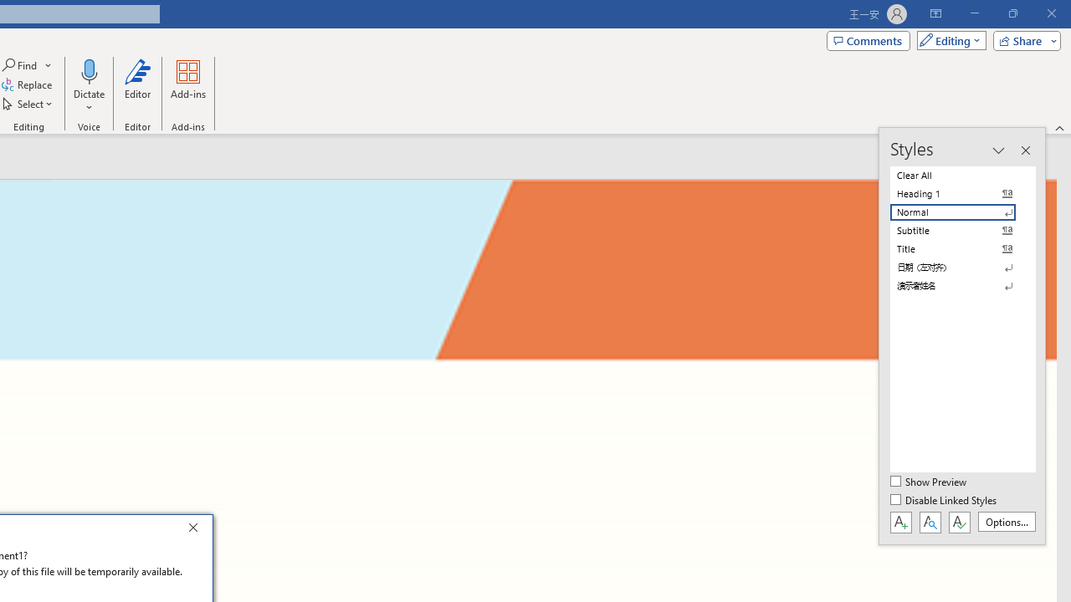 The height and width of the screenshot is (602, 1071). What do you see at coordinates (929, 482) in the screenshot?
I see `'Show Preview'` at bounding box center [929, 482].